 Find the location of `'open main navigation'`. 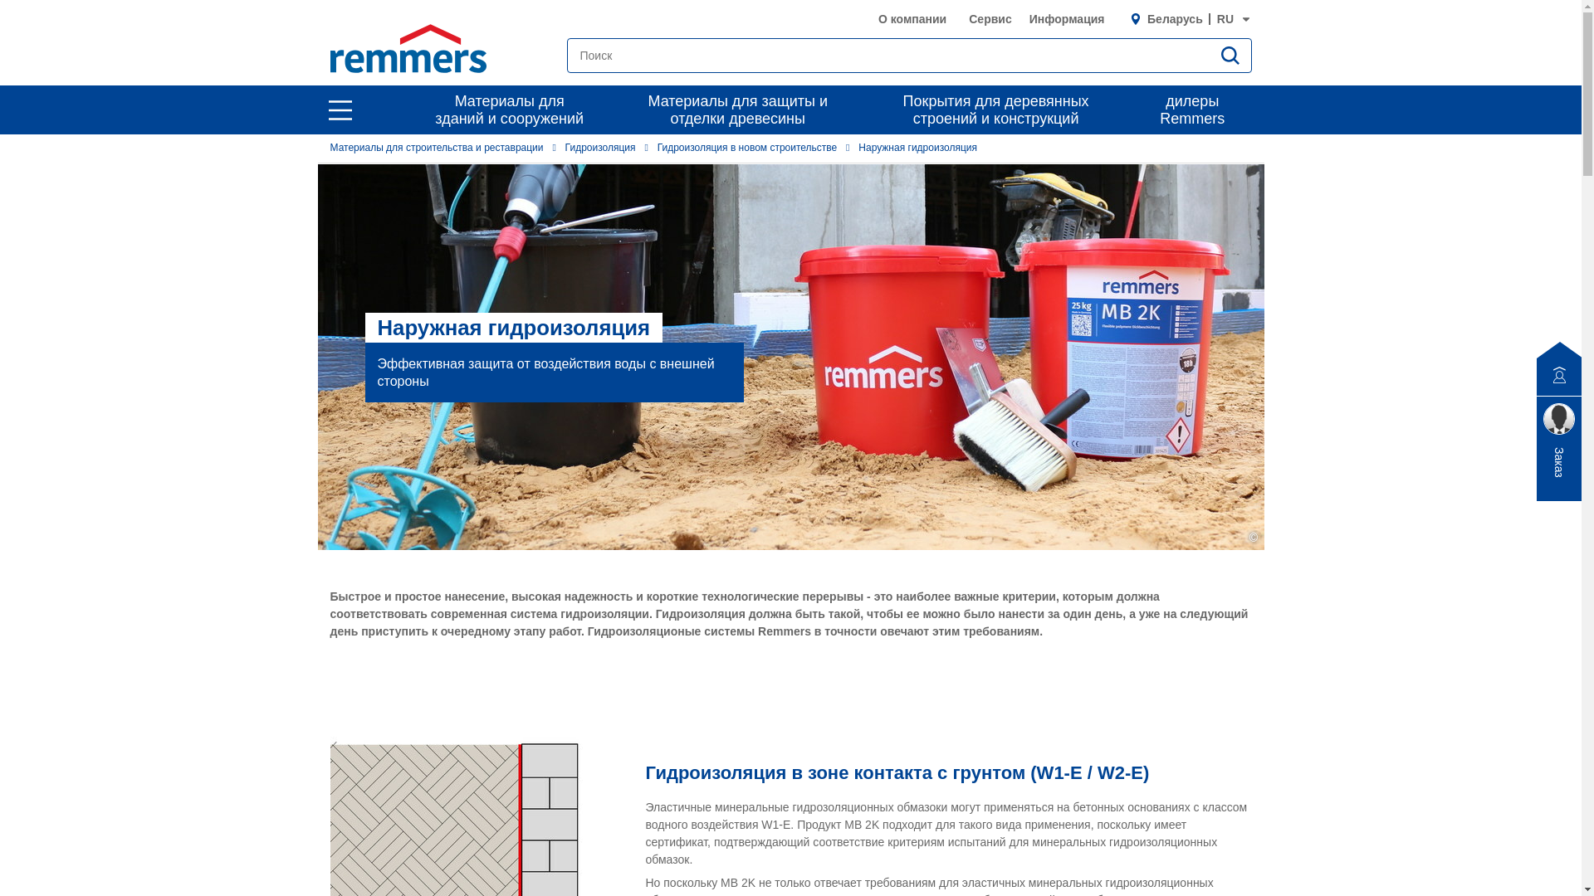

'open main navigation' is located at coordinates (339, 110).